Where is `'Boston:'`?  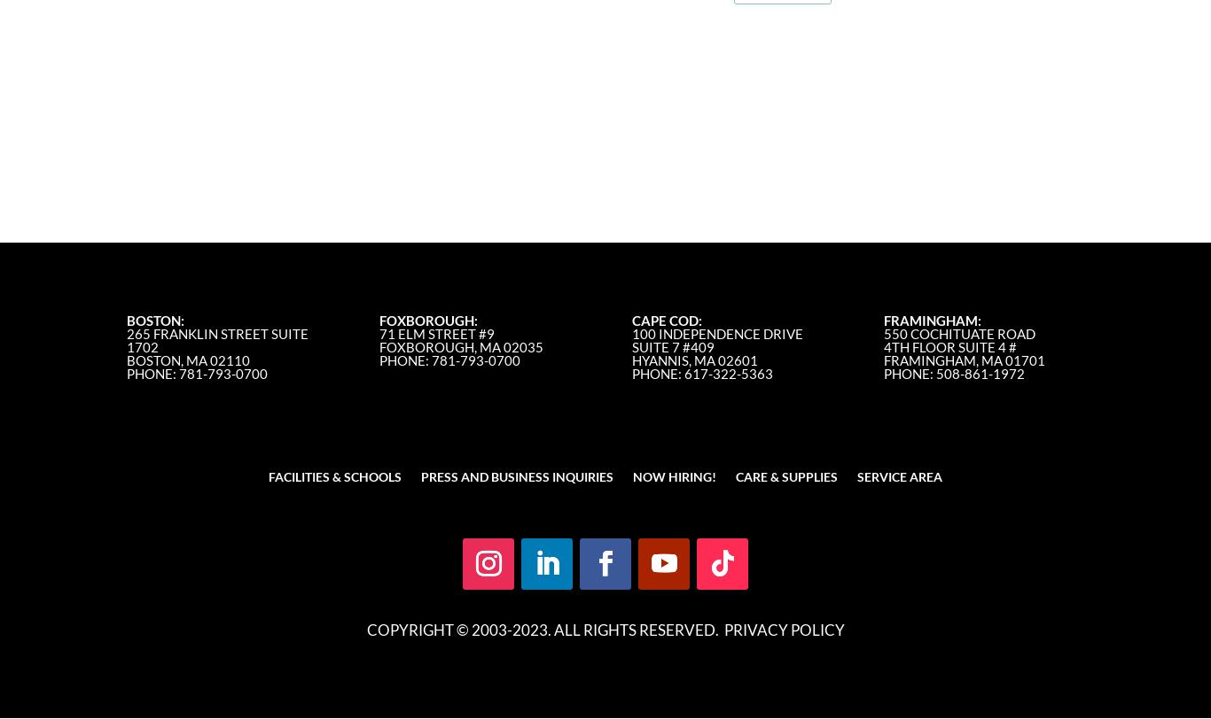 'Boston:' is located at coordinates (126, 320).